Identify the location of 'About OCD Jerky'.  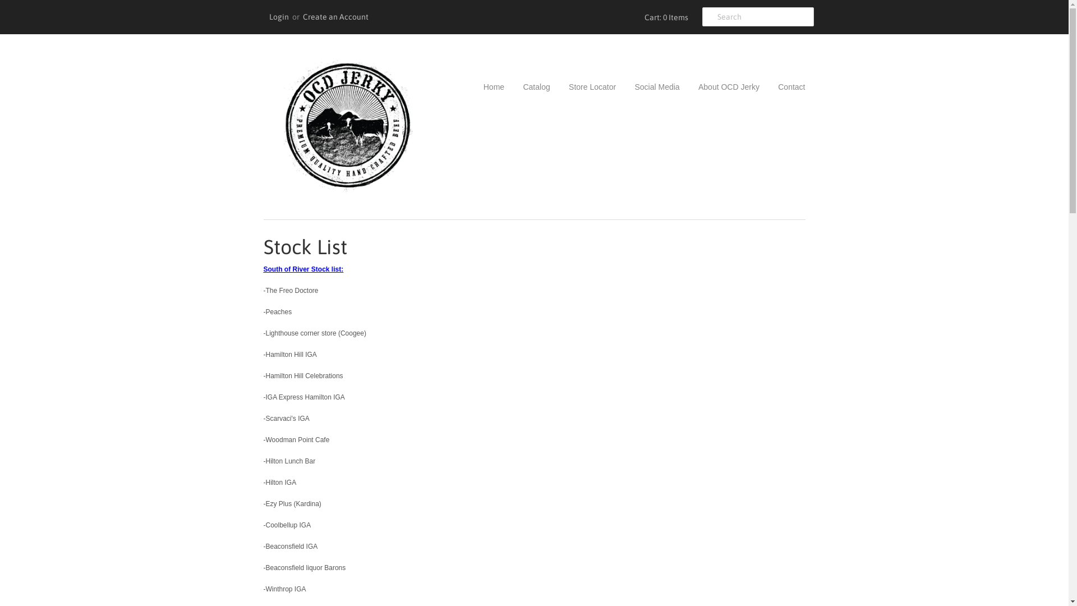
(720, 86).